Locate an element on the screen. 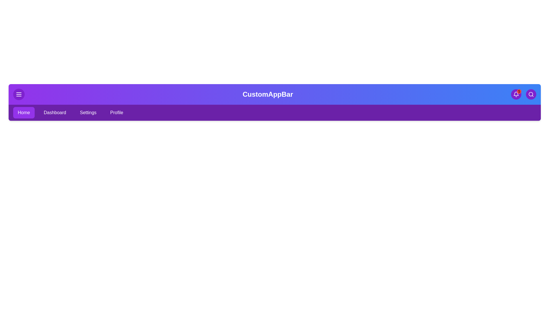 This screenshot has height=309, width=550. the notification button to view notifications is located at coordinates (516, 94).